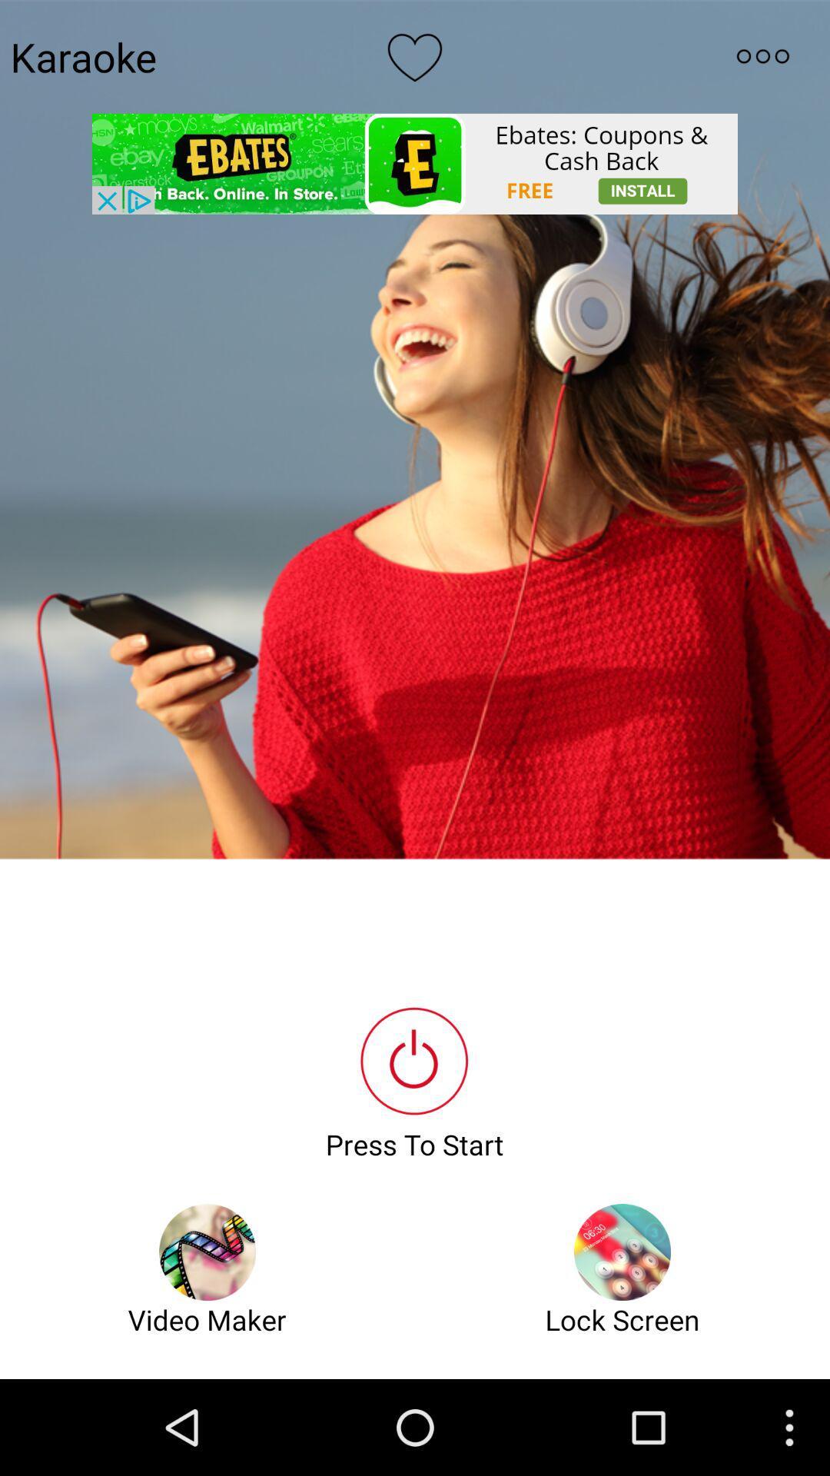 Image resolution: width=830 pixels, height=1476 pixels. Describe the element at coordinates (415, 56) in the screenshot. I see `like the song` at that location.